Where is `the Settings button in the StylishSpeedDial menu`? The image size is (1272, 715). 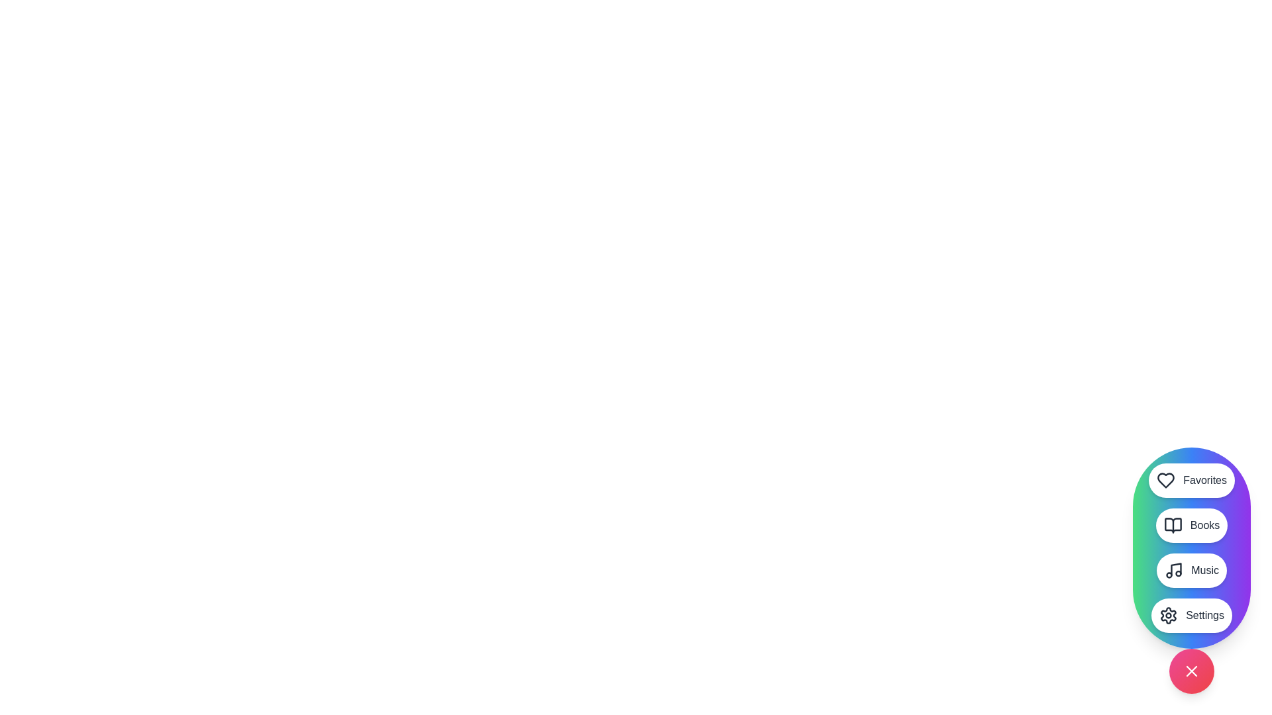
the Settings button in the StylishSpeedDial menu is located at coordinates (1192, 615).